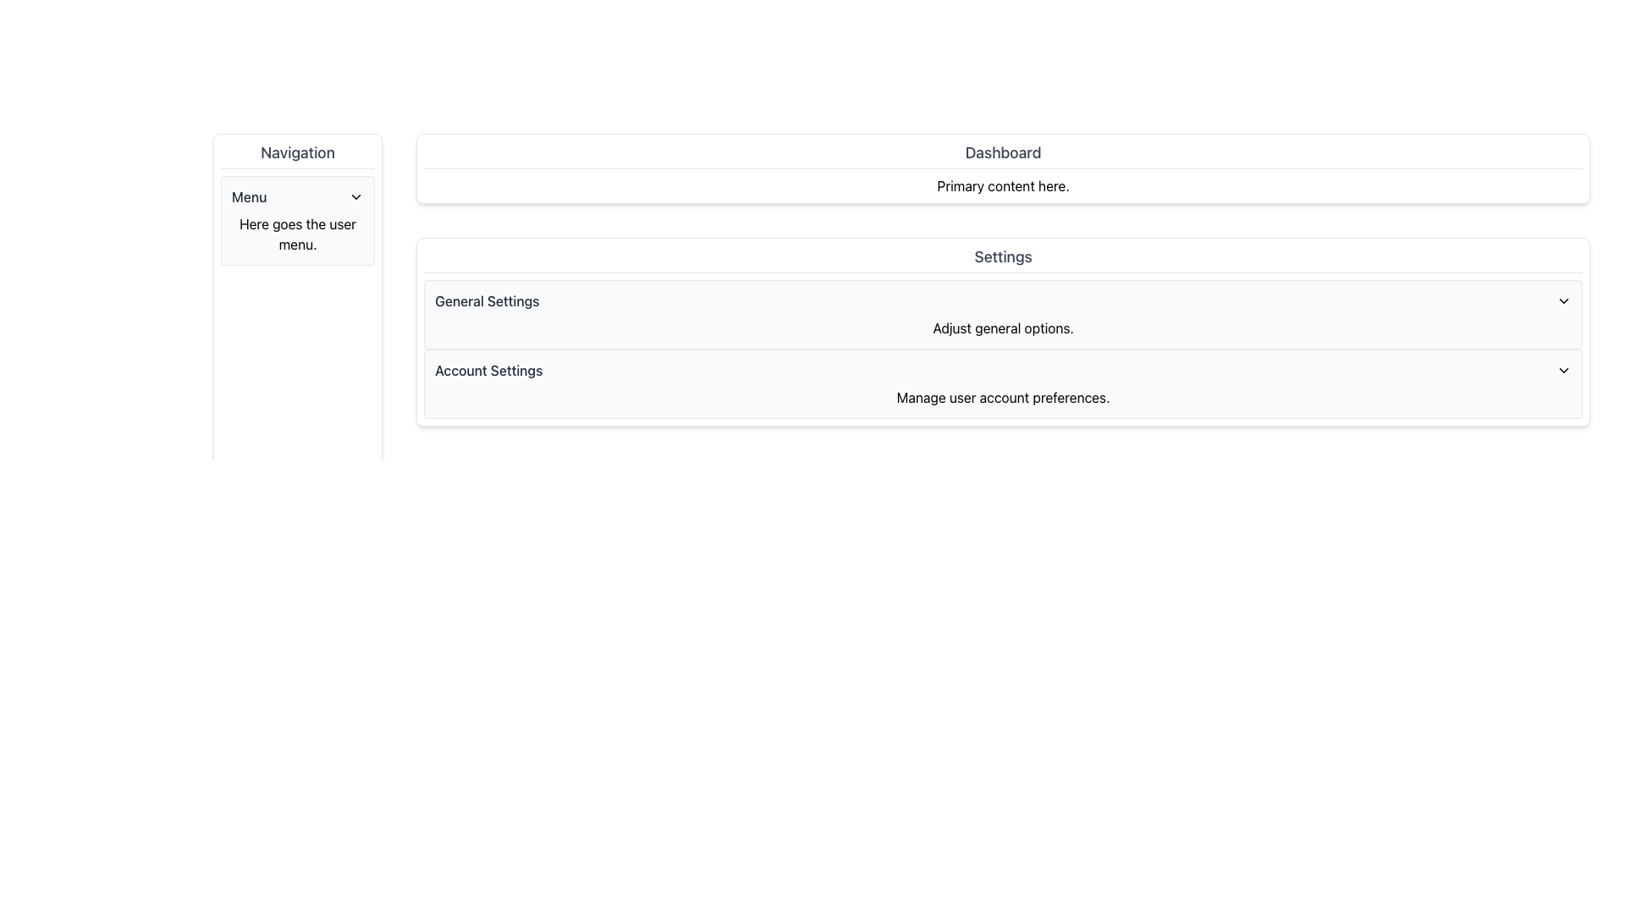  What do you see at coordinates (1563, 370) in the screenshot?
I see `the chevron icon located at the rightmost section of the horizontal layout for 'Account Settings'` at bounding box center [1563, 370].